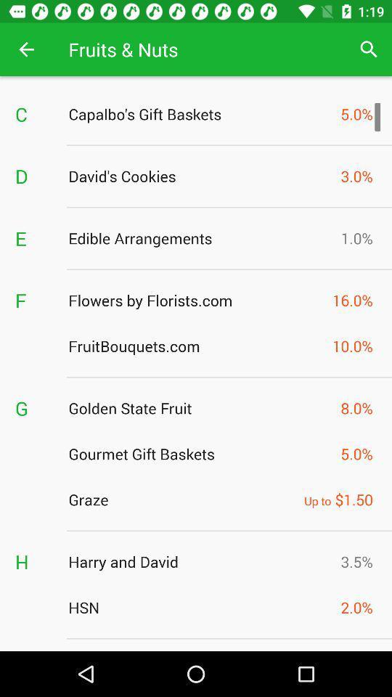  I want to click on app next to fruits & nuts icon, so click(369, 49).